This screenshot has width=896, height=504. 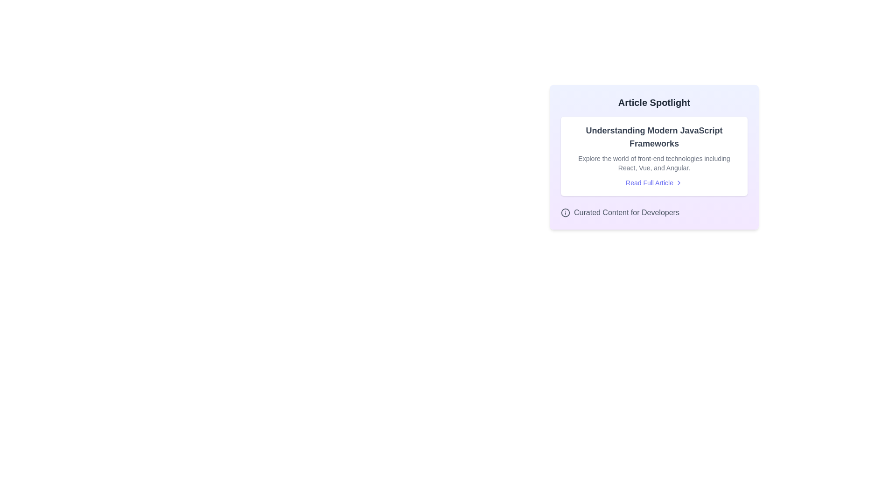 I want to click on the hyperlink styled with blue, underlined text that displays 'Read Full Article', which includes an adjacent right-facing arrow icon, so click(x=653, y=183).